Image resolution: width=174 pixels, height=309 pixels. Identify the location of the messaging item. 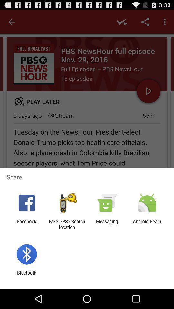
(107, 224).